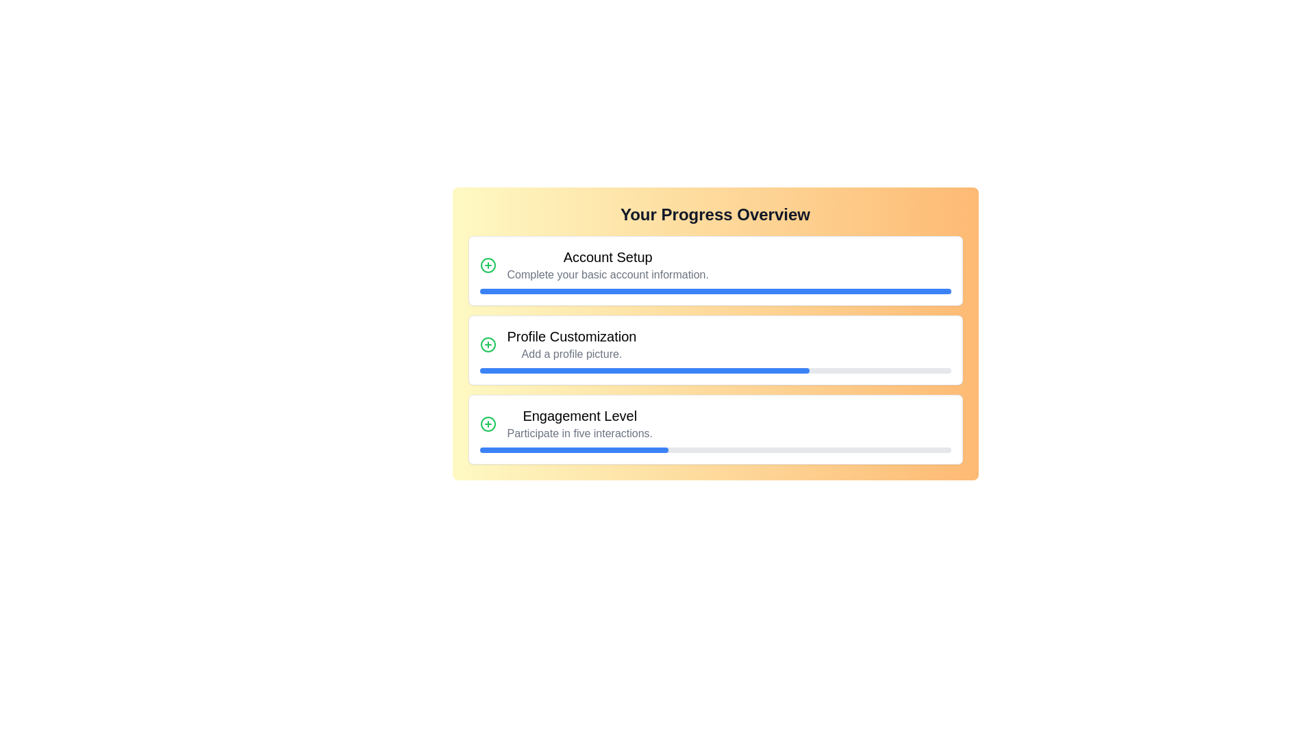 The height and width of the screenshot is (739, 1315). Describe the element at coordinates (607, 257) in the screenshot. I see `the 'Account Setup' text label that displays as a header in bold and large font, located at the top of the first progress section in the interface` at that location.